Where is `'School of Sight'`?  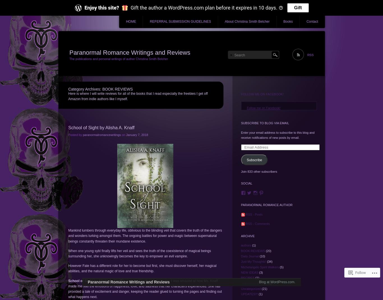
'School of Sight' is located at coordinates (80, 280).